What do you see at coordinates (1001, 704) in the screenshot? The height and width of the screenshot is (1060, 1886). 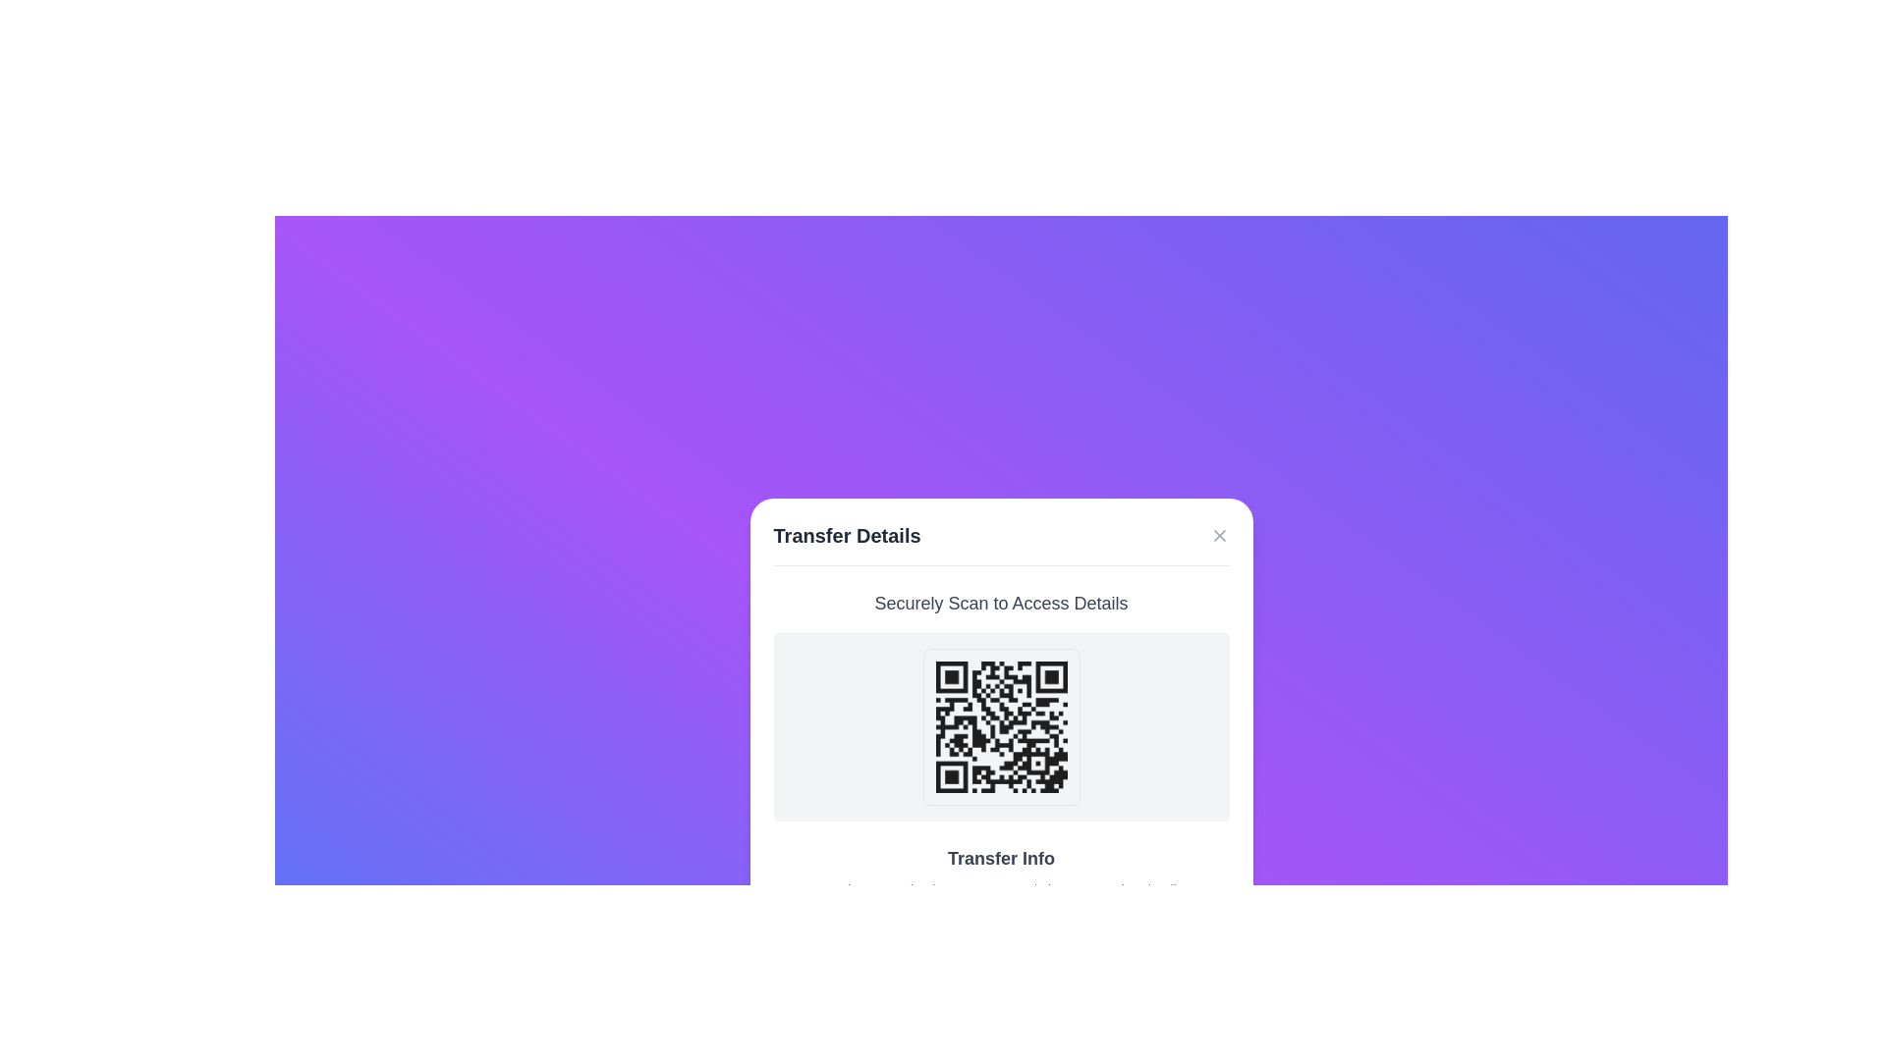 I see `the Informative block with QR code that contains the text 'Securely Scan` at bounding box center [1001, 704].